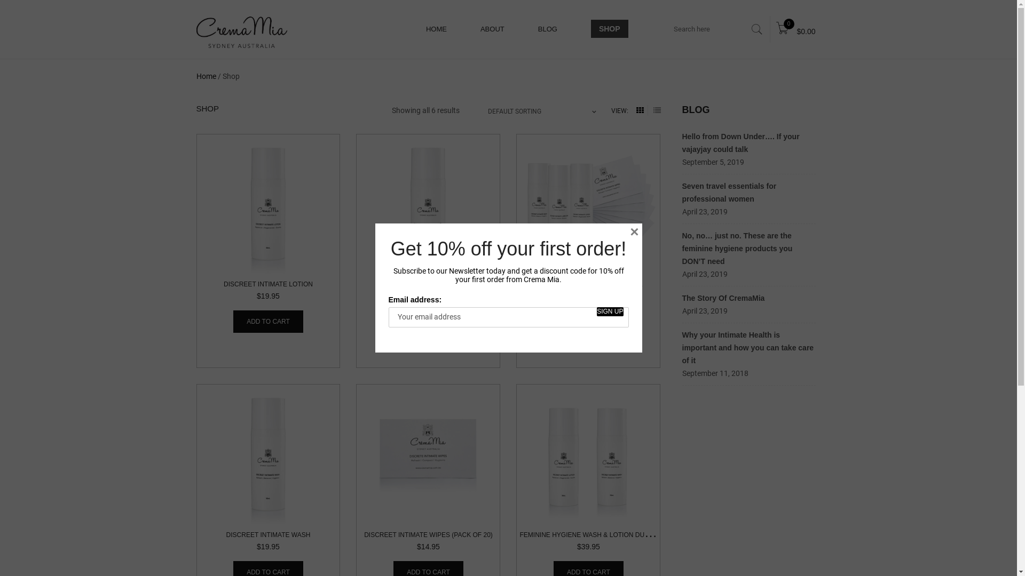 This screenshot has height=576, width=1025. I want to click on 'DISCREET INTIMATE WASH', so click(225, 534).